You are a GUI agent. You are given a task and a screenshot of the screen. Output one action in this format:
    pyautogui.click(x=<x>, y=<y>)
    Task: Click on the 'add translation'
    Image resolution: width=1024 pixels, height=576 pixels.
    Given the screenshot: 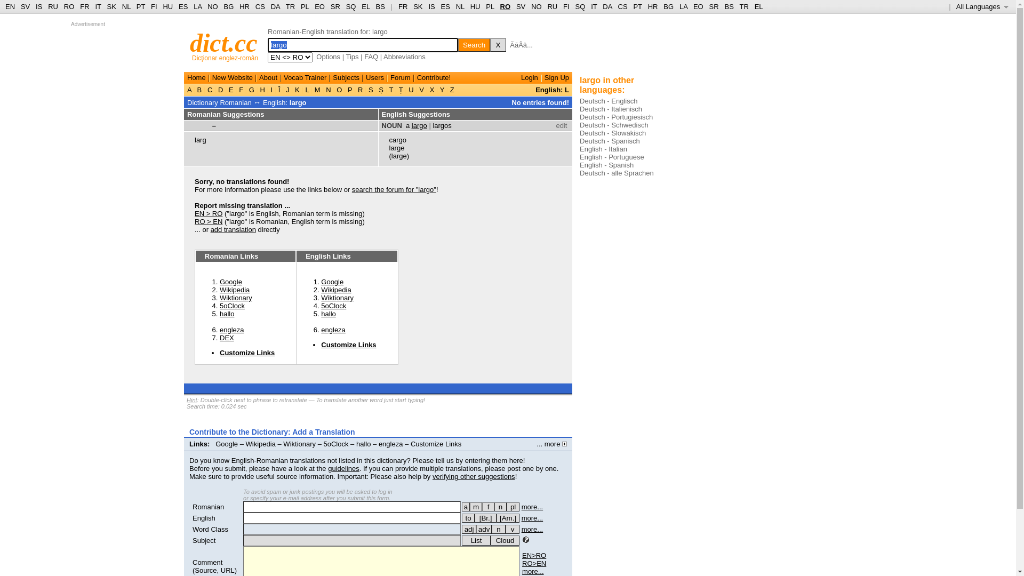 What is the action you would take?
    pyautogui.click(x=210, y=229)
    